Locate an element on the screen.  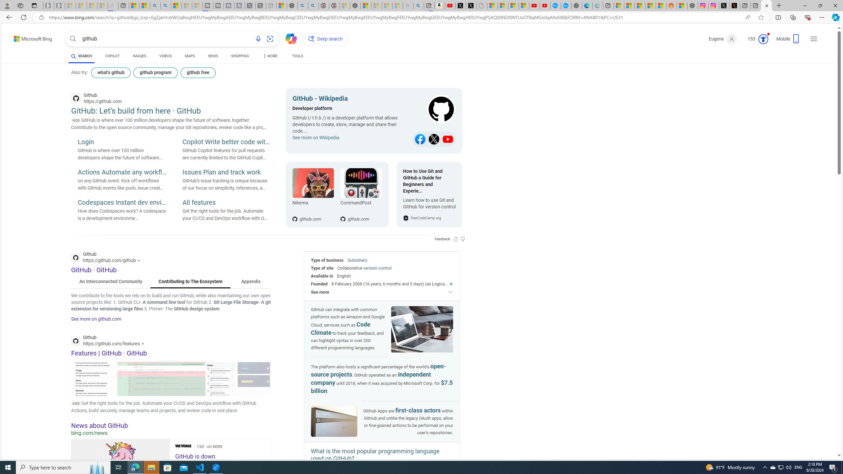
'Login' is located at coordinates (122, 142).